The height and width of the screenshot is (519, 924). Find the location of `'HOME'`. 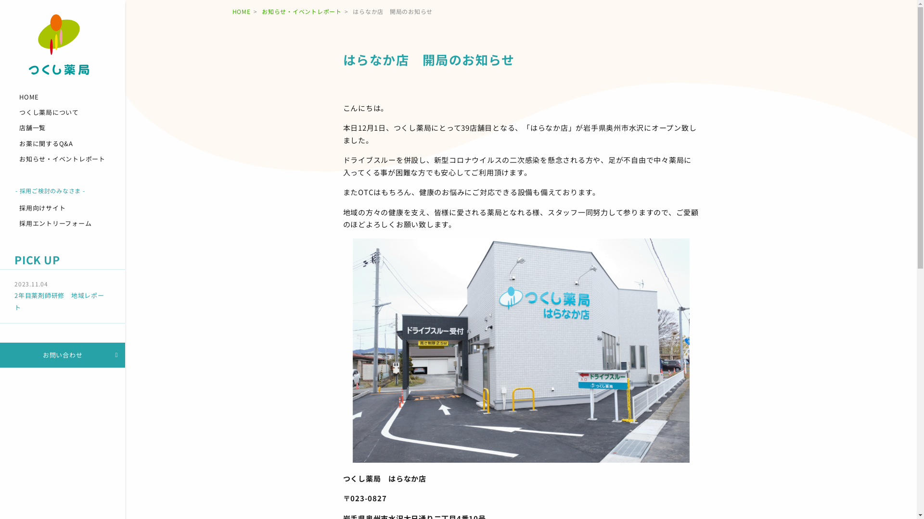

'HOME' is located at coordinates (62, 97).